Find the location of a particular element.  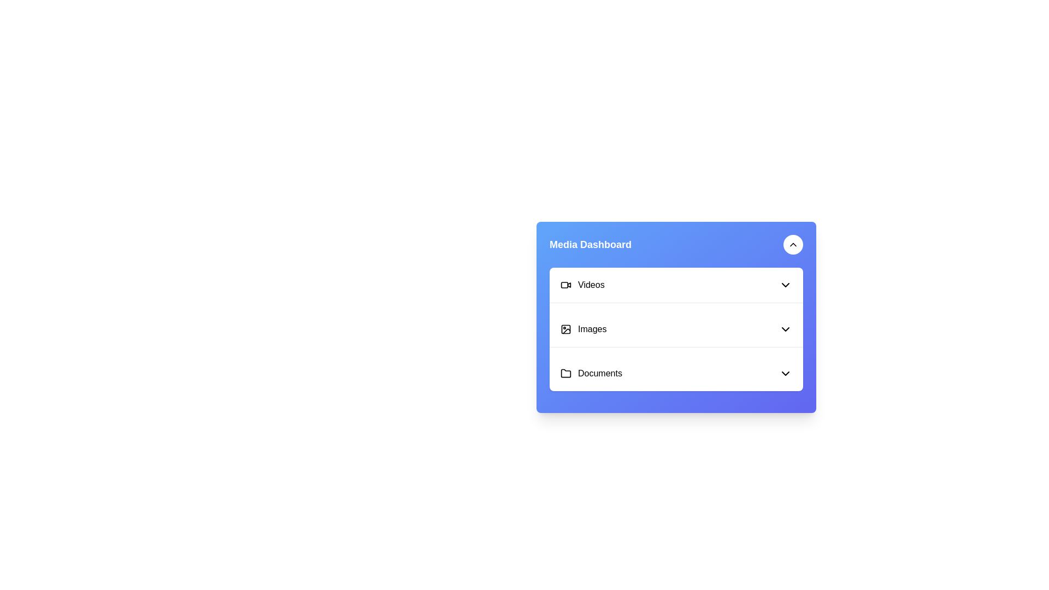

the image icon located in the second row of the 'Media Dashboard' panel, which precedes the text 'Images' is located at coordinates (566, 328).